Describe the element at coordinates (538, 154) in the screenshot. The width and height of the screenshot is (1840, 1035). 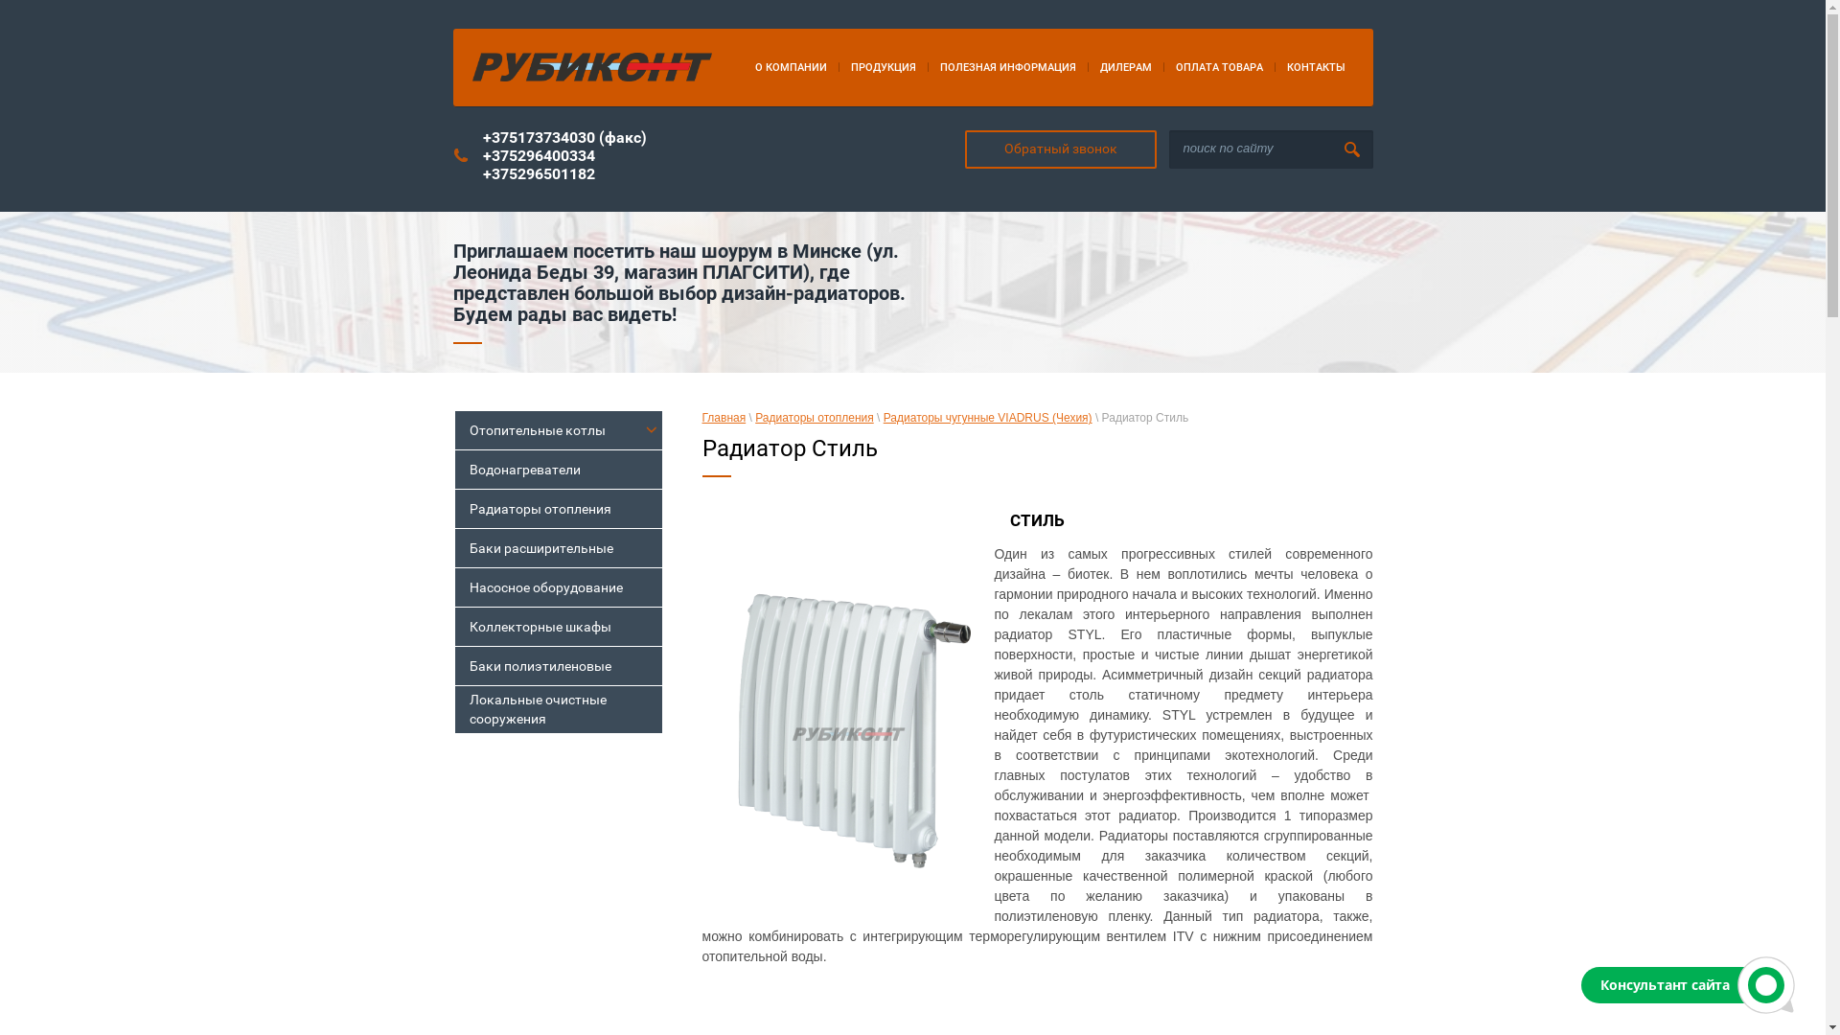
I see `'+375296400334'` at that location.